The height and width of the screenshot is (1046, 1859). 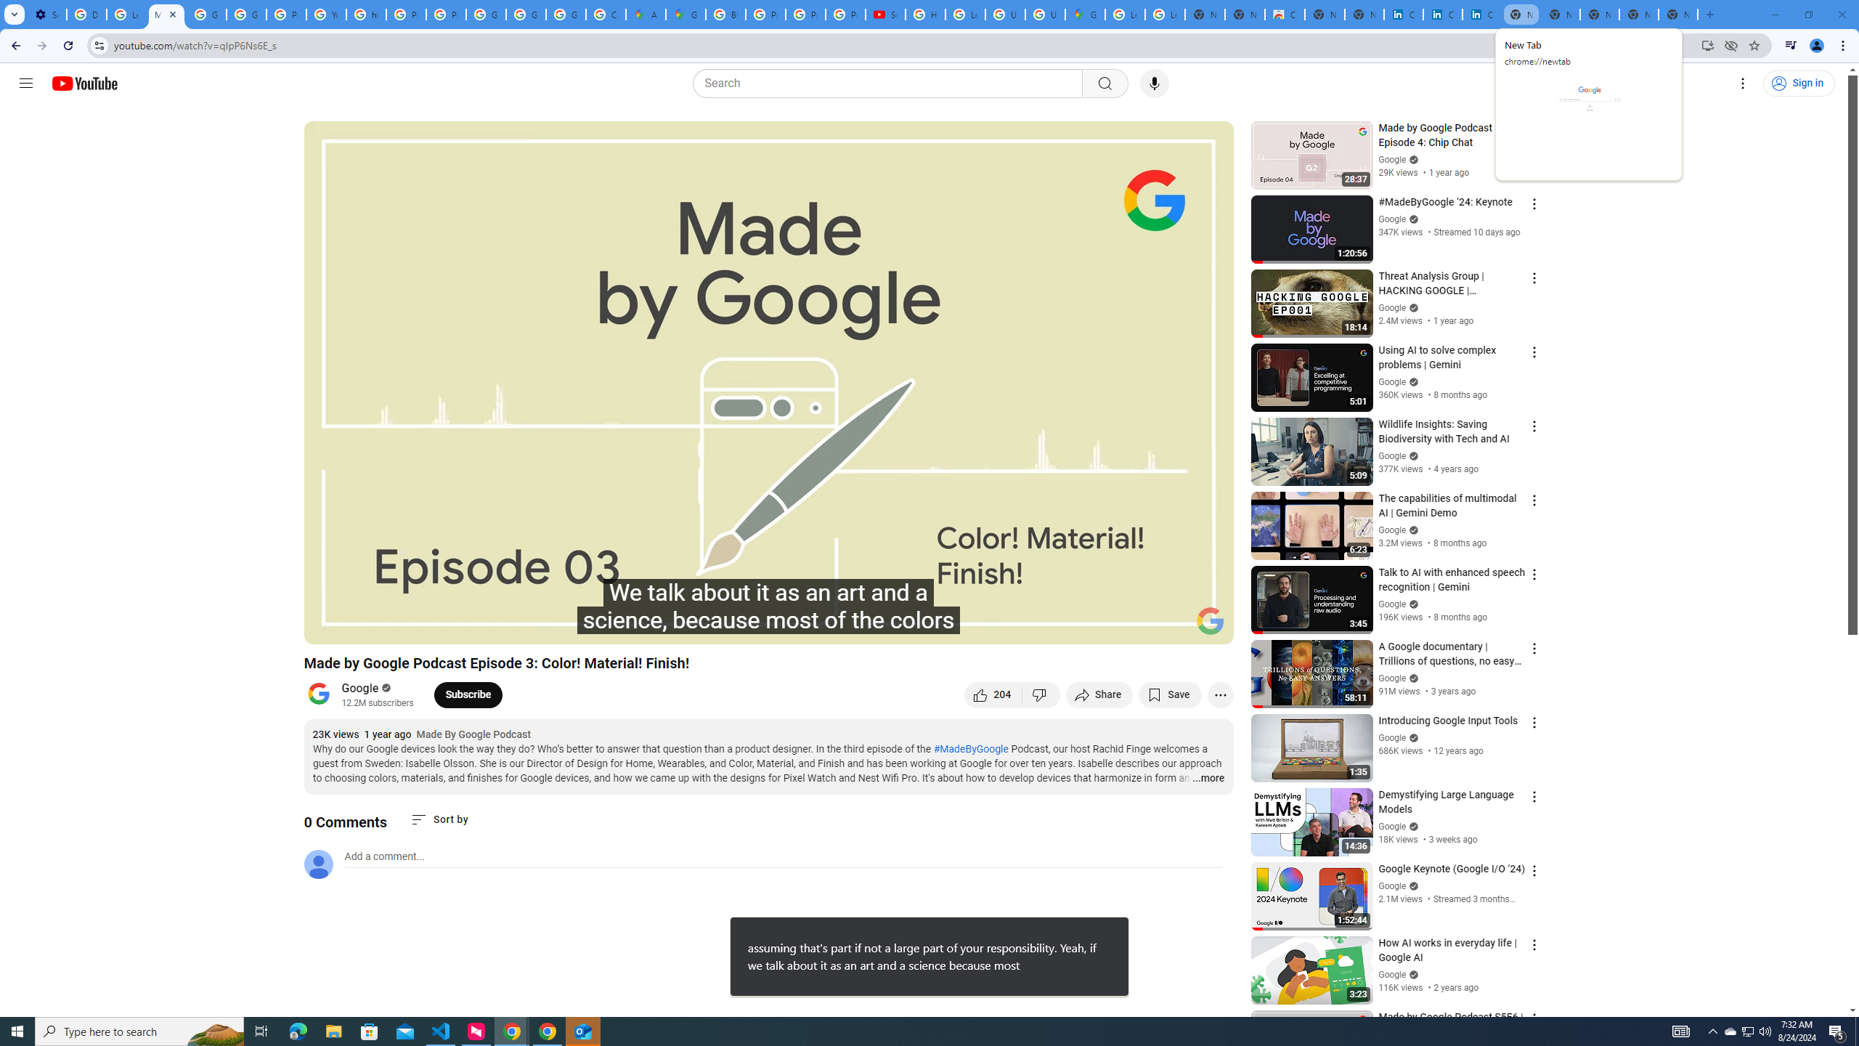 What do you see at coordinates (1837, 1030) in the screenshot?
I see `'Action Center, 5 new notifications'` at bounding box center [1837, 1030].